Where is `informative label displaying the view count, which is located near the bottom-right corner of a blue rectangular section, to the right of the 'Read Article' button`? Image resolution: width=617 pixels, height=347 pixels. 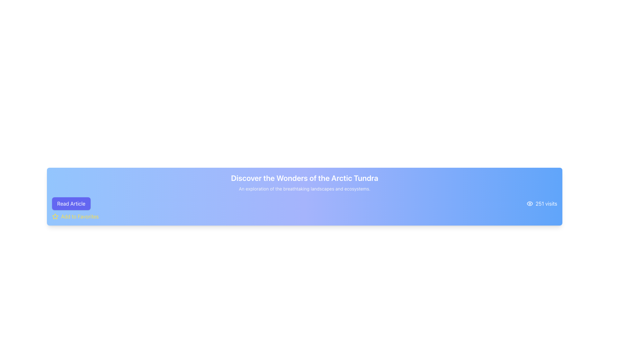 informative label displaying the view count, which is located near the bottom-right corner of a blue rectangular section, to the right of the 'Read Article' button is located at coordinates (541, 203).